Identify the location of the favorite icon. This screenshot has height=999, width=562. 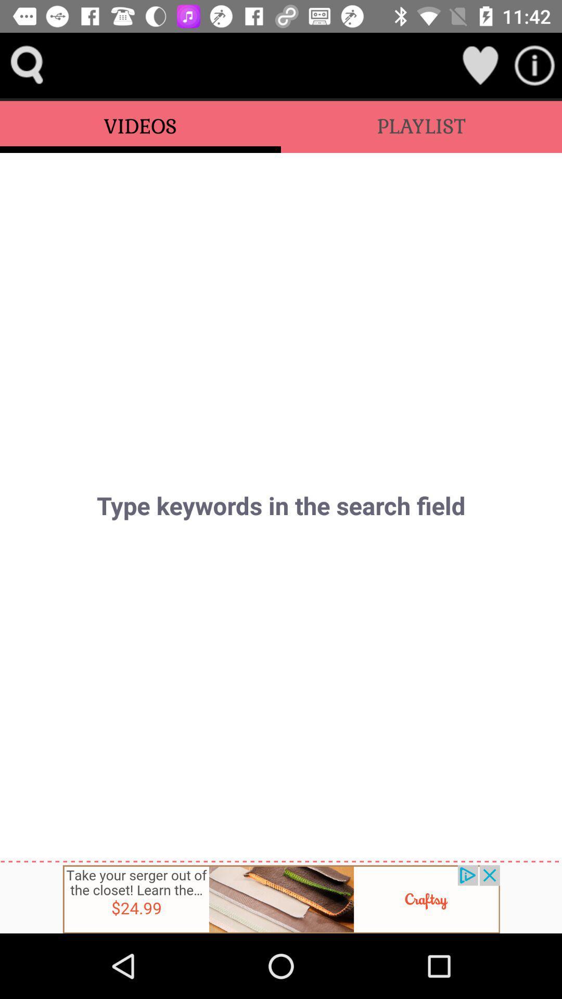
(480, 65).